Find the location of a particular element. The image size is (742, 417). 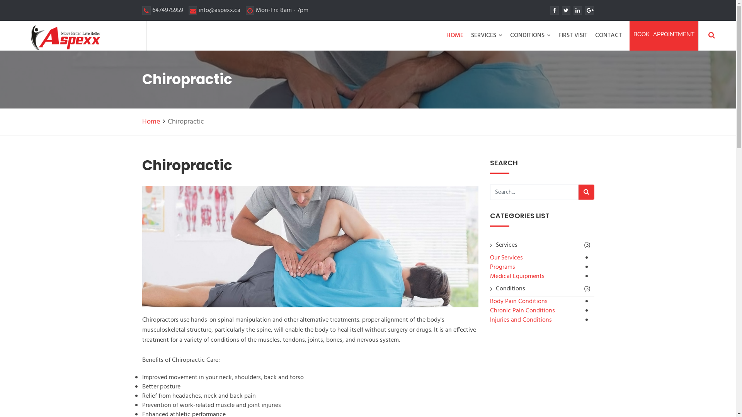

'6474975959' is located at coordinates (162, 10).